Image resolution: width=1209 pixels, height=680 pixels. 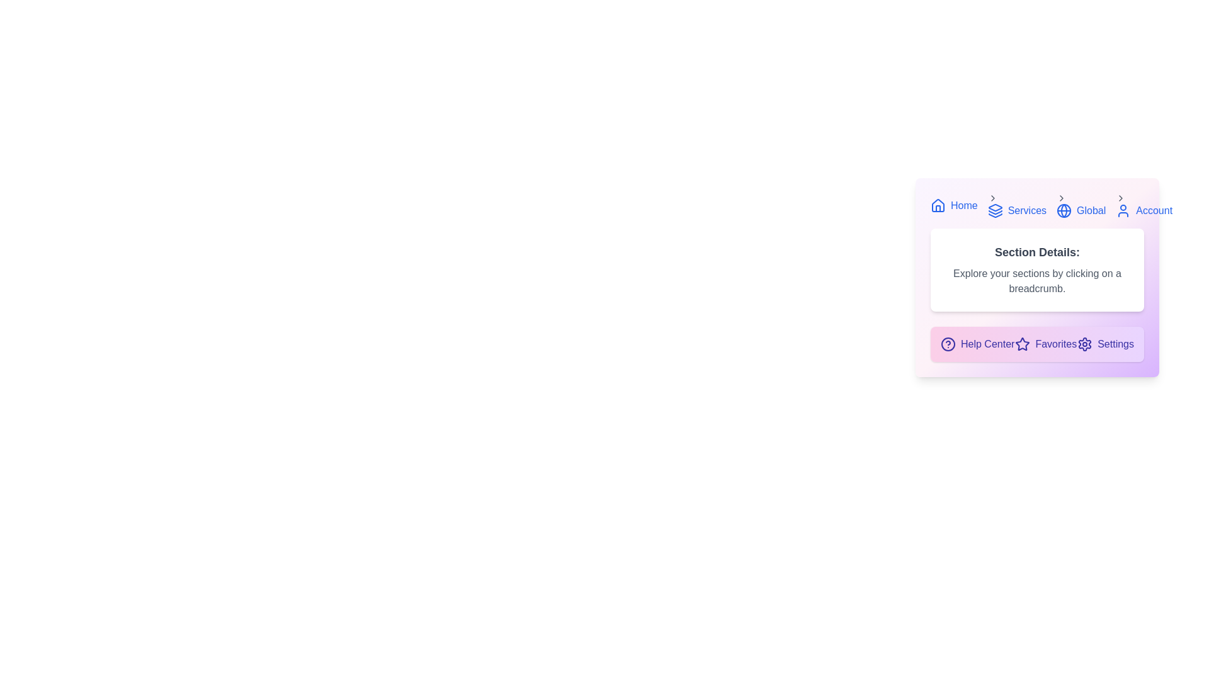 I want to click on the circular graphical element located in the lower-right section of the interface, adjacent to the 'Help Center' label, so click(x=948, y=344).